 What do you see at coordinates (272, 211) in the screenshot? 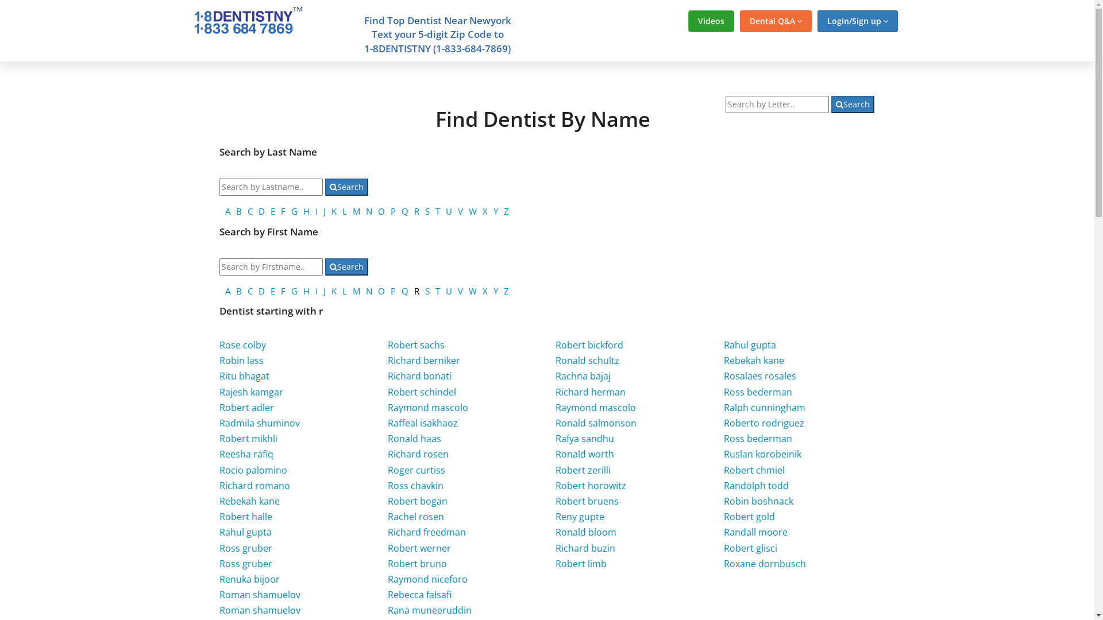
I see `'E'` at bounding box center [272, 211].